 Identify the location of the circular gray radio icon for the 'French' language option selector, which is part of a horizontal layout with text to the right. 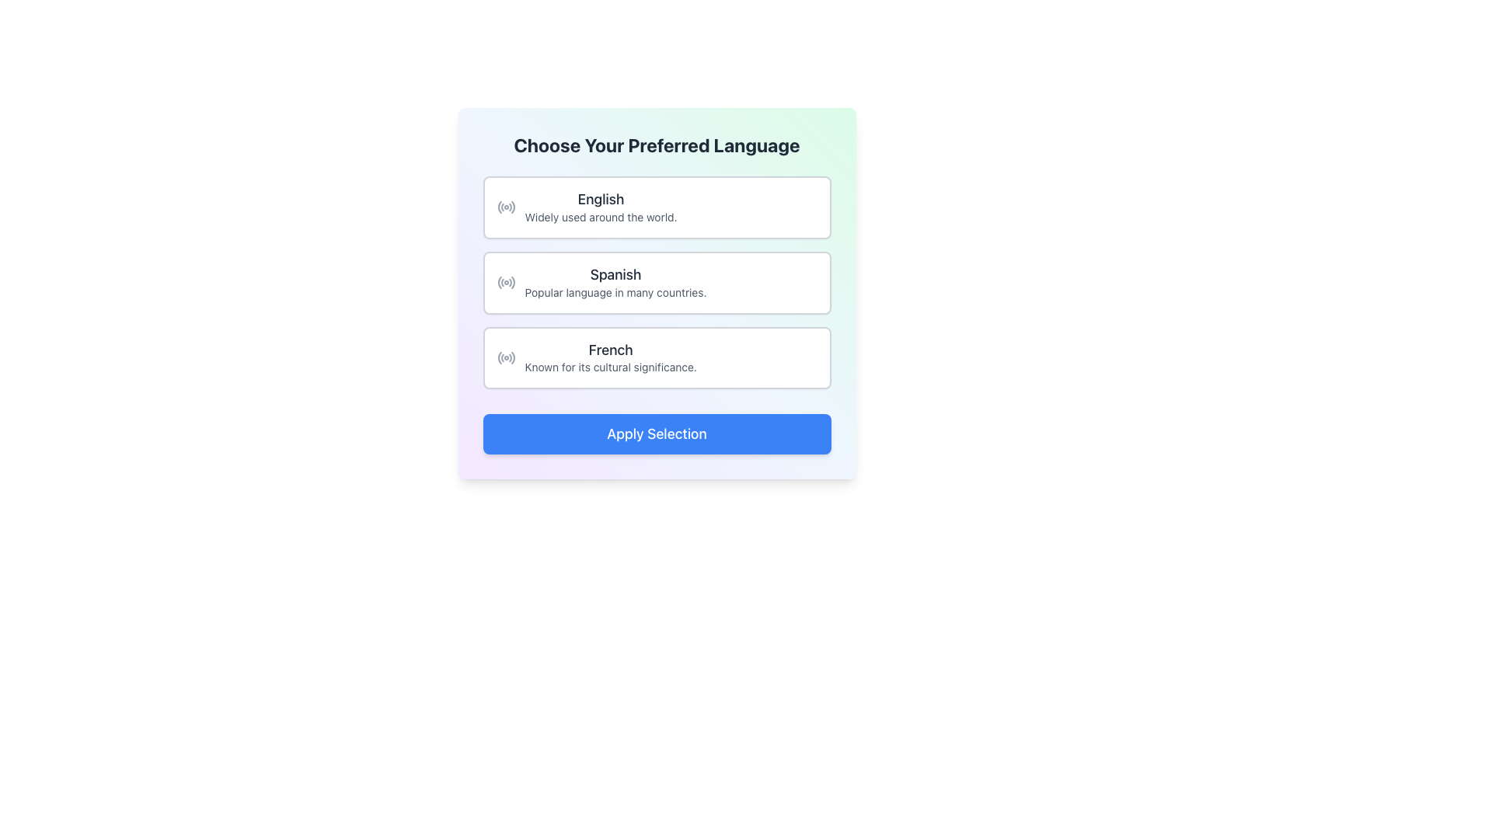
(506, 357).